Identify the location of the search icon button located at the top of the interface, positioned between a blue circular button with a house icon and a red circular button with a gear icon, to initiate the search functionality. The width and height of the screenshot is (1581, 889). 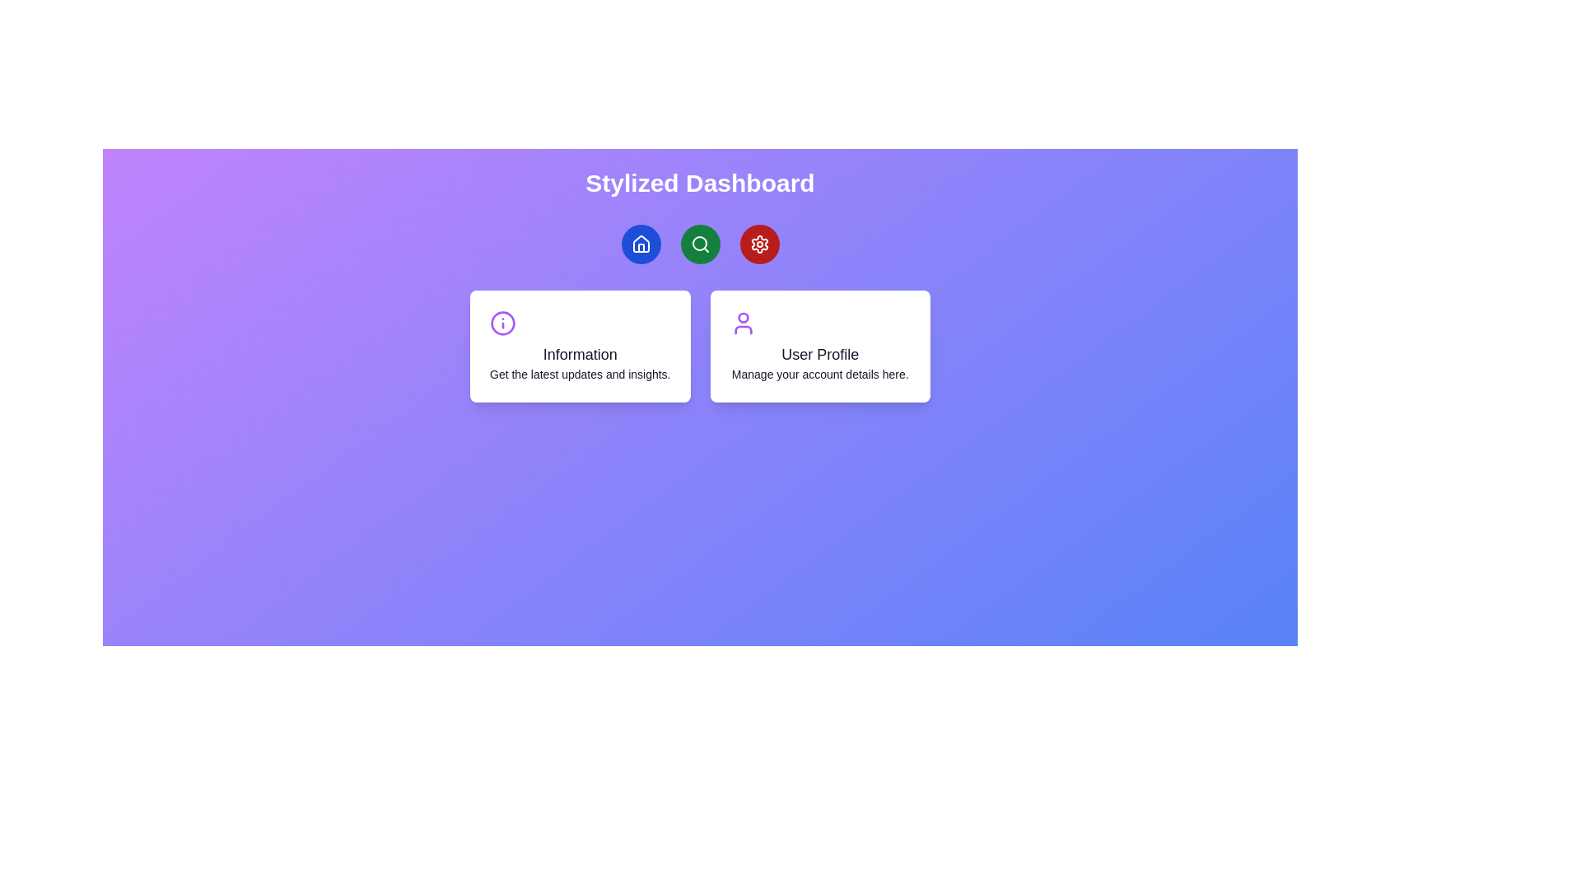
(700, 244).